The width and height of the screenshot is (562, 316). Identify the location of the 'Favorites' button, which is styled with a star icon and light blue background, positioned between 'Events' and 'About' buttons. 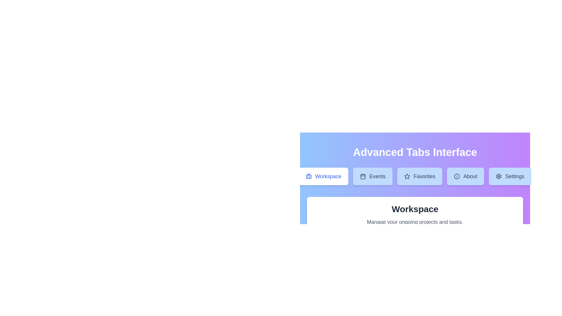
(414, 178).